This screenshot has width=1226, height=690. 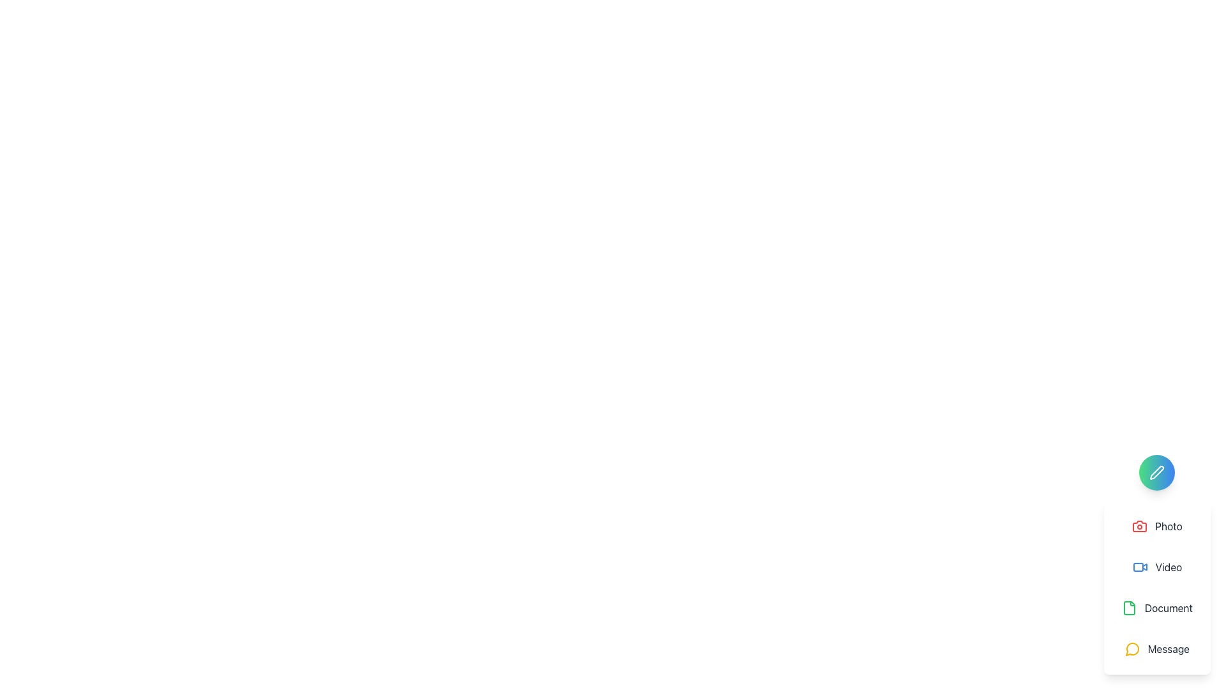 What do you see at coordinates (1157, 648) in the screenshot?
I see `the 'Message' menu option button located in the vertical menu, positioned below the 'Document' option` at bounding box center [1157, 648].